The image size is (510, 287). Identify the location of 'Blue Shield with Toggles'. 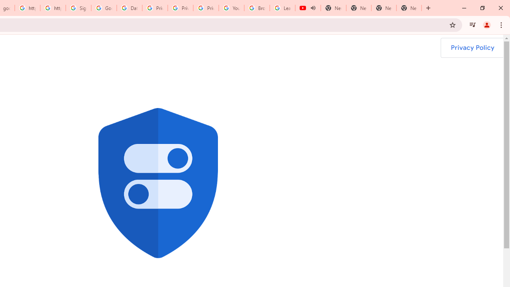
(158, 183).